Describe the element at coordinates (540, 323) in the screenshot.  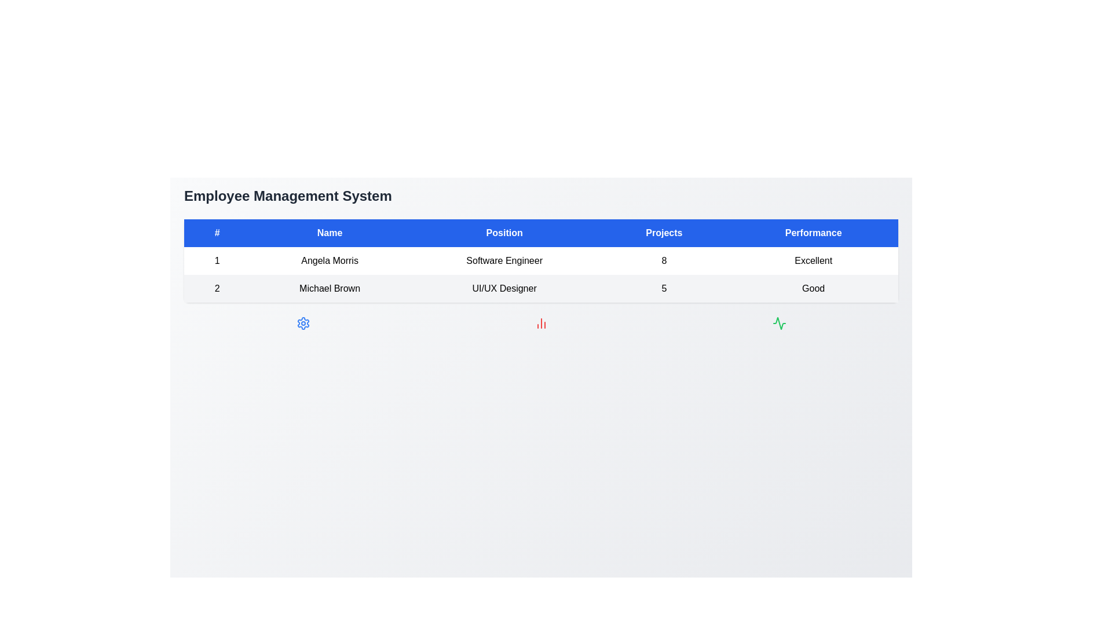
I see `the Icon button, which is the third element among its siblings, to change its color. This button is associated with bar chart functionality and is located towards the center-bottom area of the UI` at that location.